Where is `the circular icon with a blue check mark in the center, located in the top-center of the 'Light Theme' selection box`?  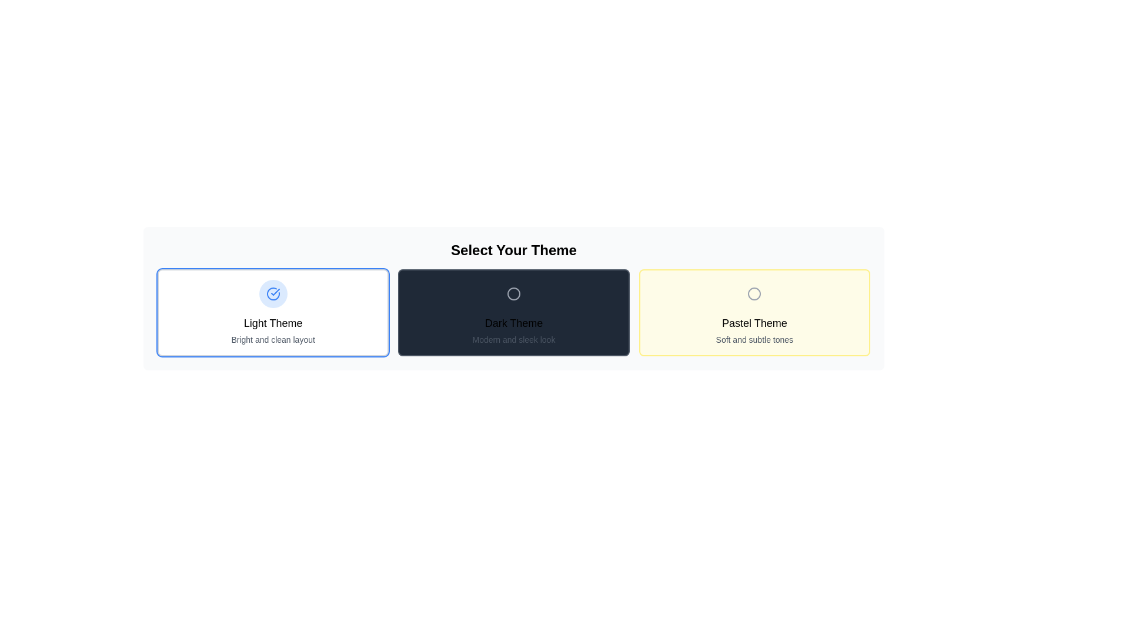
the circular icon with a blue check mark in the center, located in the top-center of the 'Light Theme' selection box is located at coordinates (272, 293).